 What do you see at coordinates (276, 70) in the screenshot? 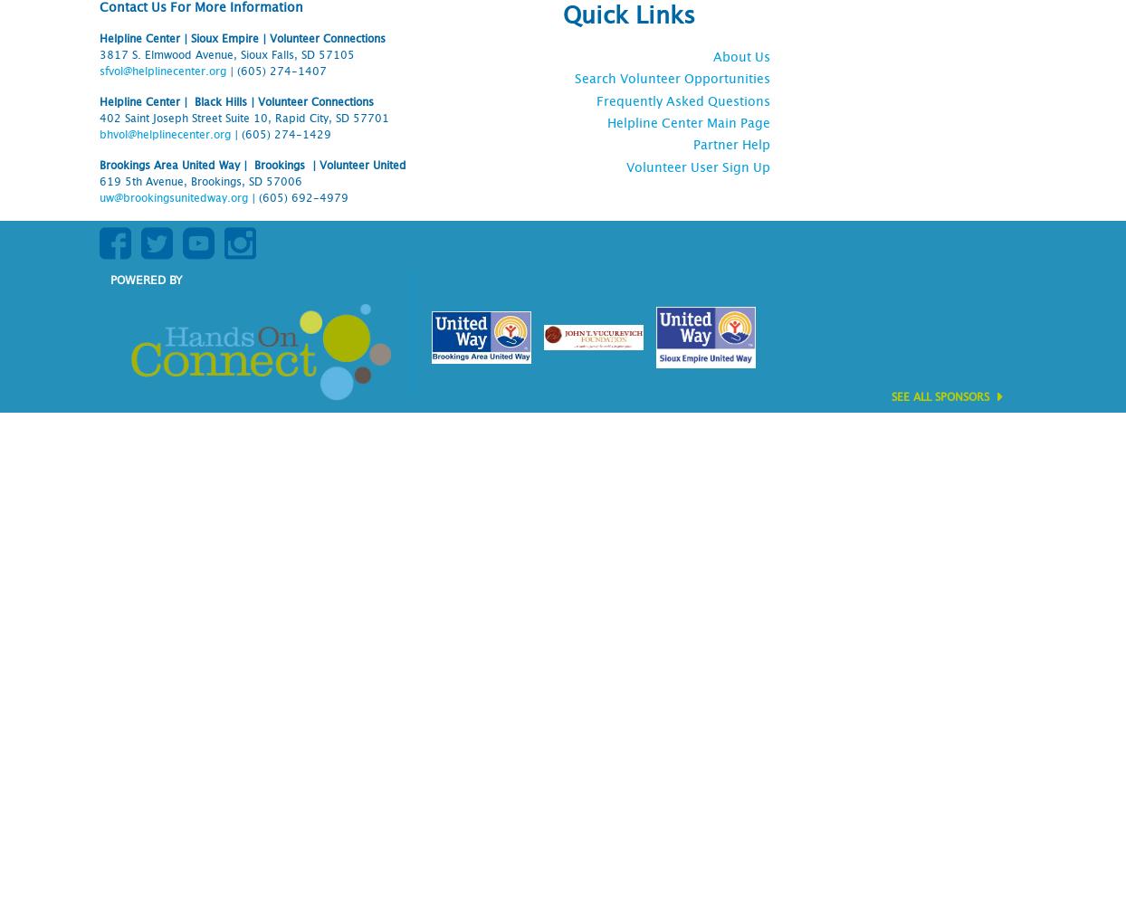
I see `'| (605) 274-1407'` at bounding box center [276, 70].